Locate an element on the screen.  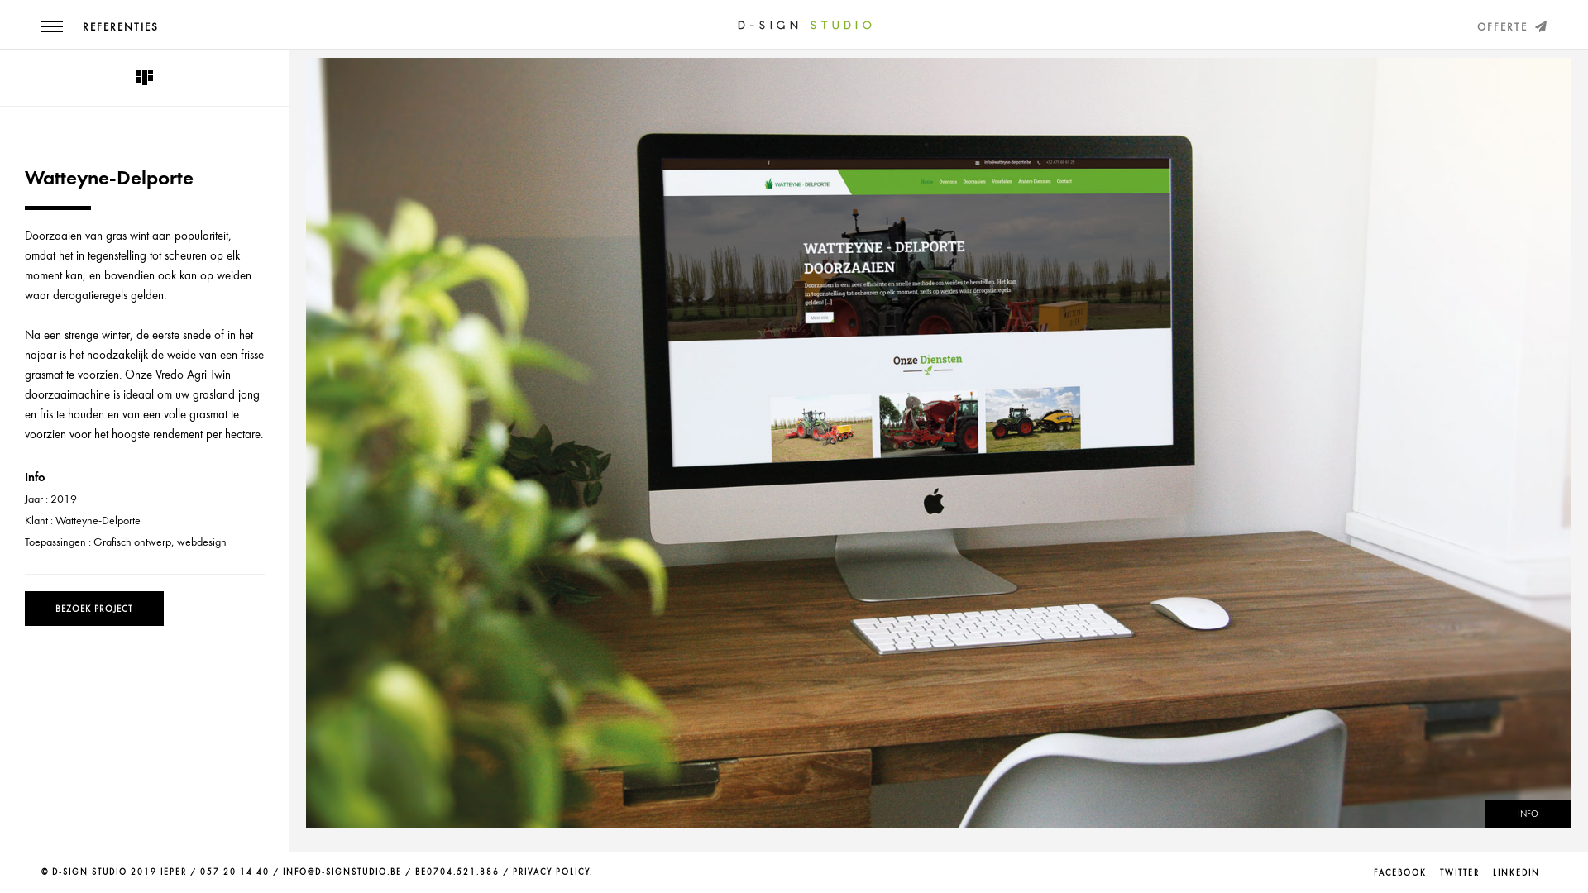
'PRIVACY POLICY' is located at coordinates (551, 872).